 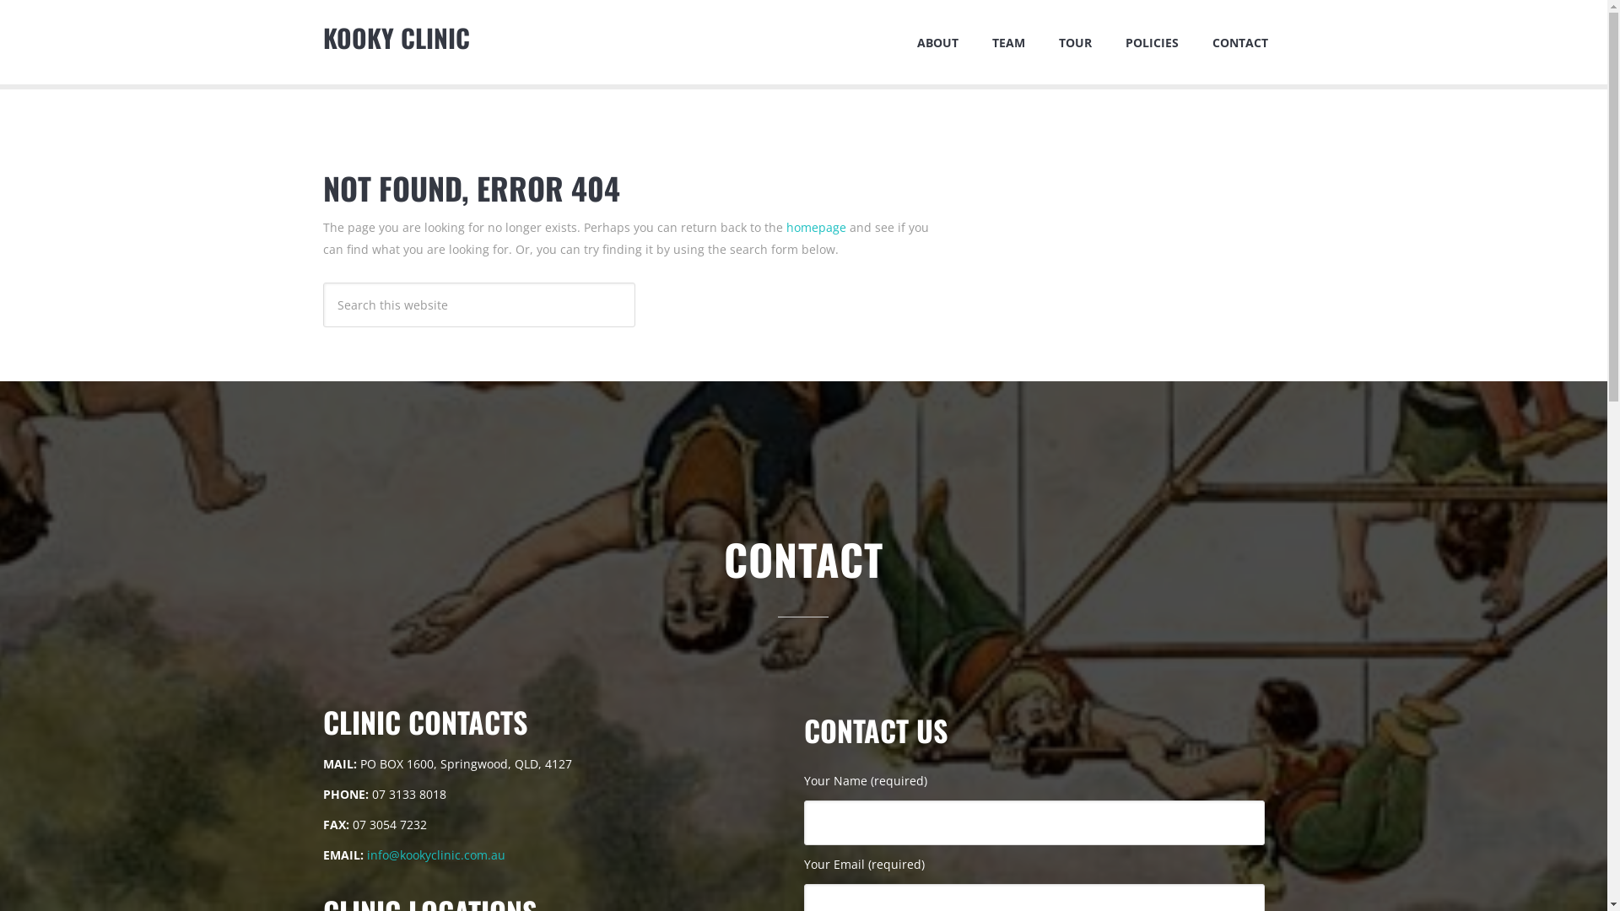 I want to click on 'homepage', so click(x=816, y=226).